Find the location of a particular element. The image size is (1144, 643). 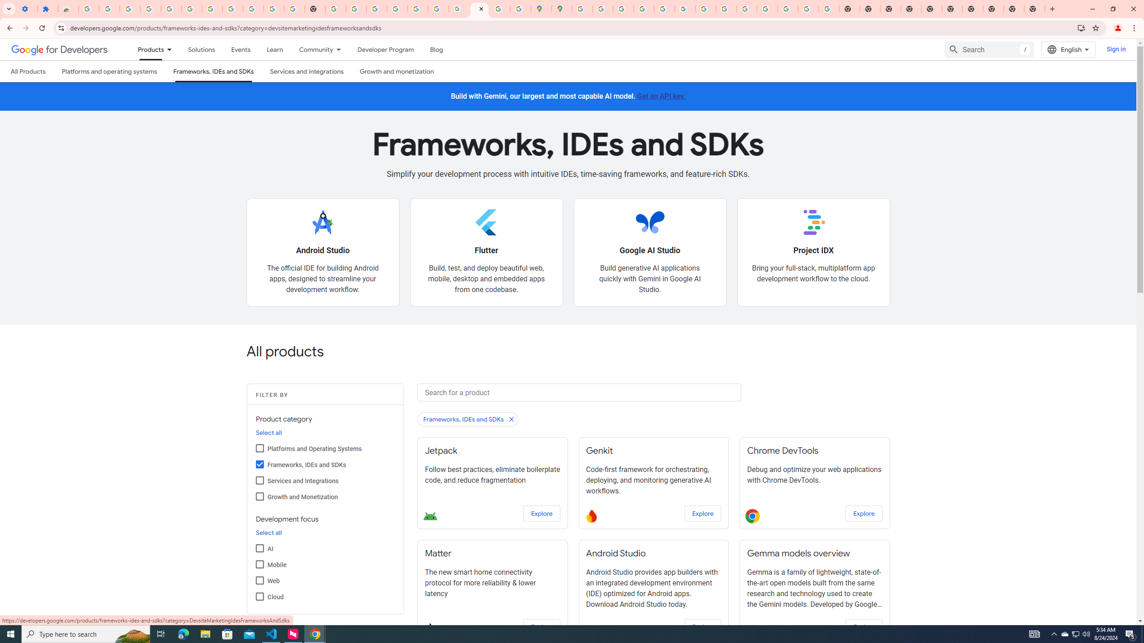

'Delete photos & videos - Computer - Google Photos Help' is located at coordinates (150, 8).